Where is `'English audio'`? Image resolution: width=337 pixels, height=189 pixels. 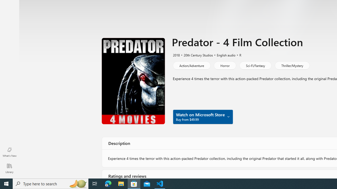 'English audio' is located at coordinates (224, 55).